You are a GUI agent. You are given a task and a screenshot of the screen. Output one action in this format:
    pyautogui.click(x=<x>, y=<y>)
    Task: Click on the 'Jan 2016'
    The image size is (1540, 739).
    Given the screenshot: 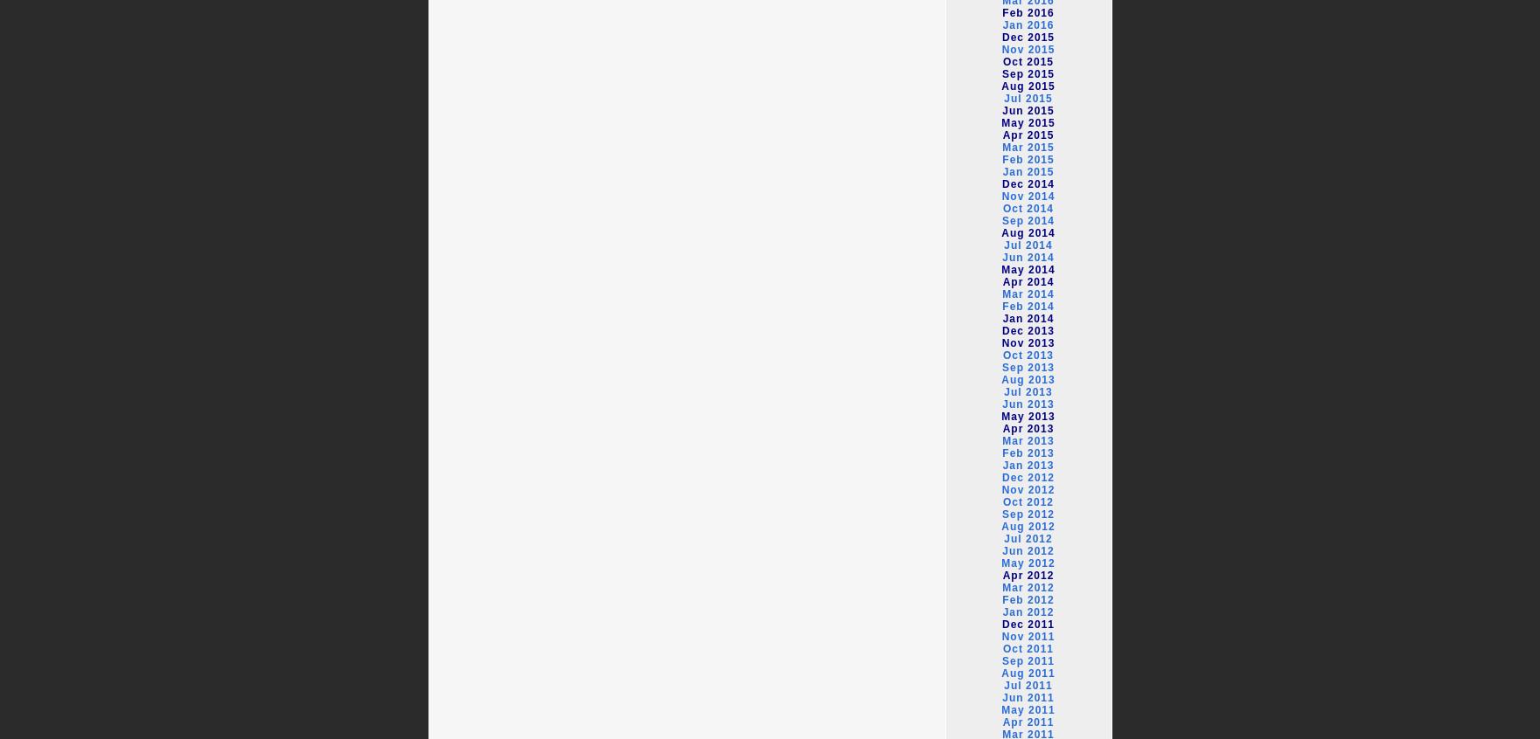 What is the action you would take?
    pyautogui.click(x=1028, y=24)
    